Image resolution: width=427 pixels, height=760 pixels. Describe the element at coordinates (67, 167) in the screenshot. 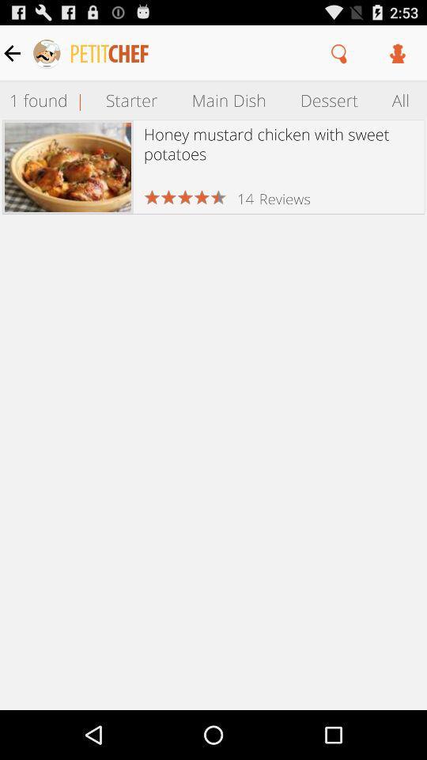

I see `icon below 1 found` at that location.